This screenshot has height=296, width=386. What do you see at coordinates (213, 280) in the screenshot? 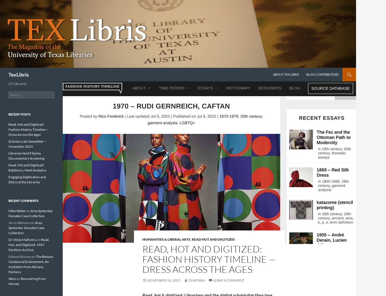
I see `'Leave a comment'` at bounding box center [213, 280].